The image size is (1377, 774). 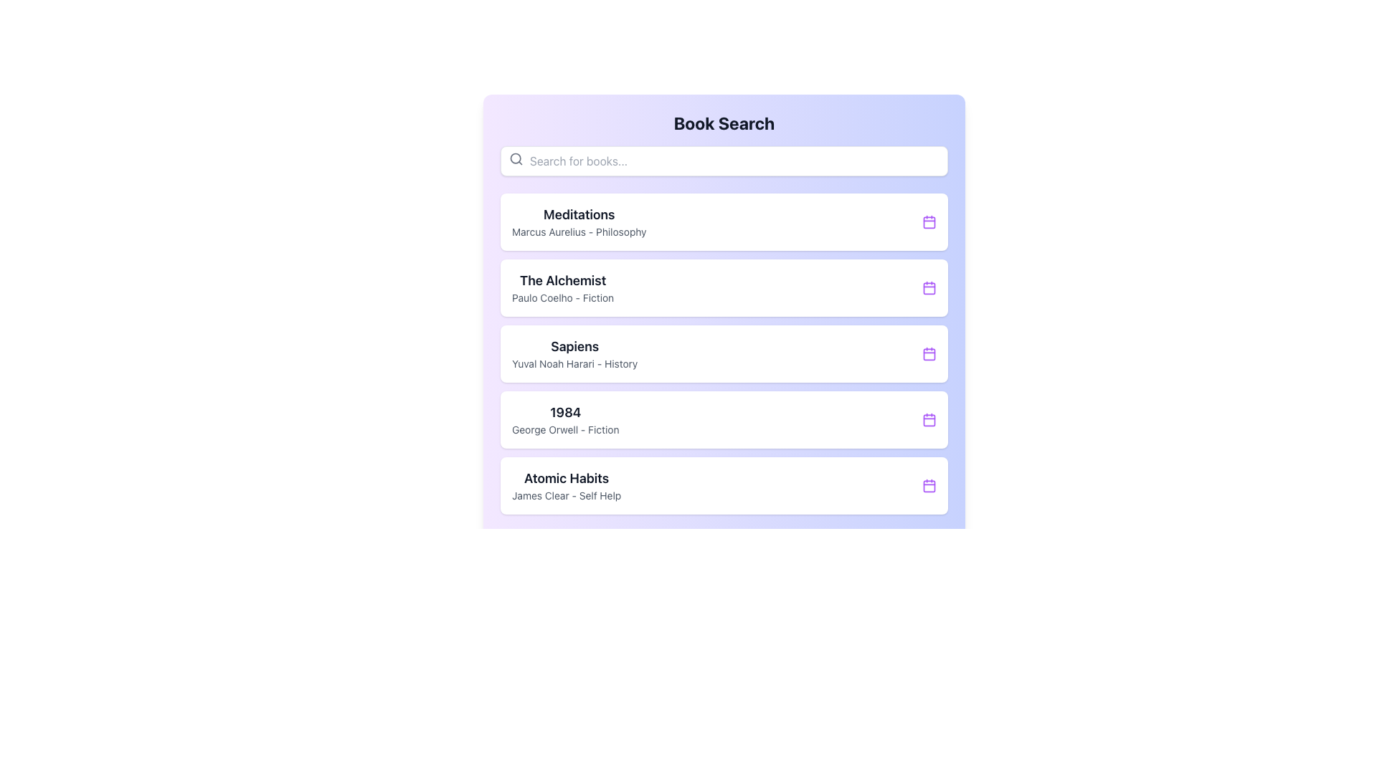 I want to click on the text label displaying 'Yuval Noah Harari - History', which is located beneath the title 'Sapiens' in the third card from the top of the vertical list, so click(x=574, y=363).